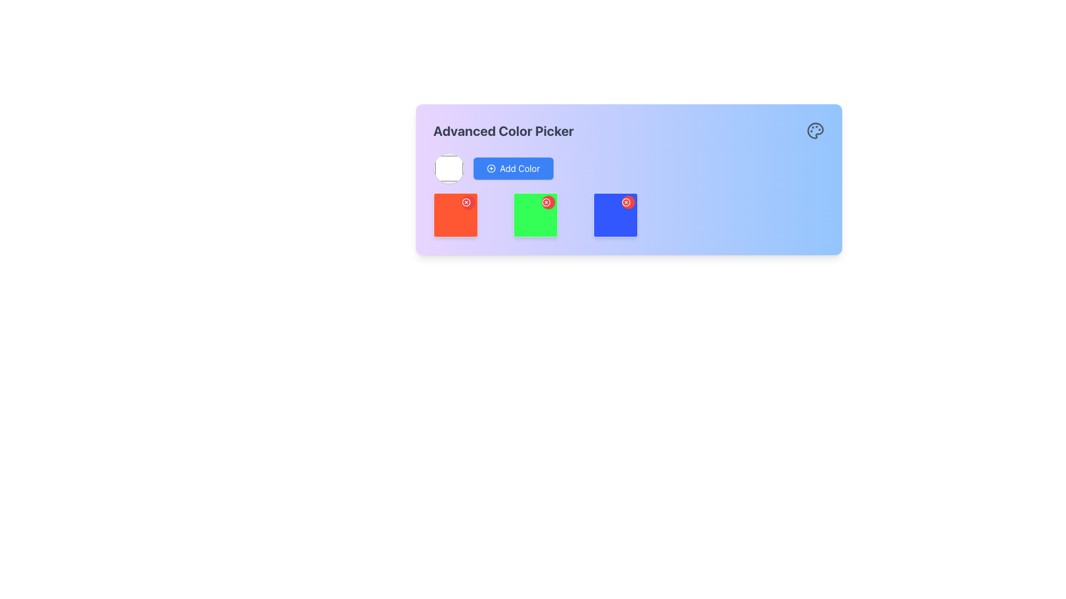 The width and height of the screenshot is (1066, 599). Describe the element at coordinates (548, 202) in the screenshot. I see `the close button located in the top-right corner of the second green square block in the center row` at that location.